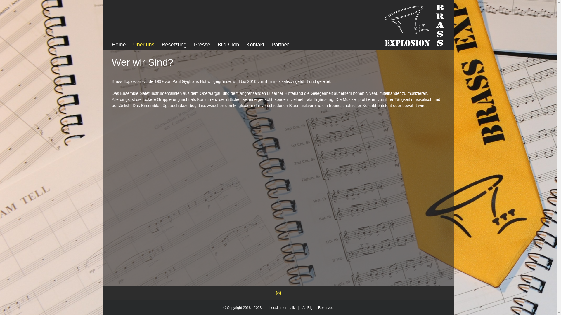  Describe the element at coordinates (194, 44) in the screenshot. I see `'Presse'` at that location.